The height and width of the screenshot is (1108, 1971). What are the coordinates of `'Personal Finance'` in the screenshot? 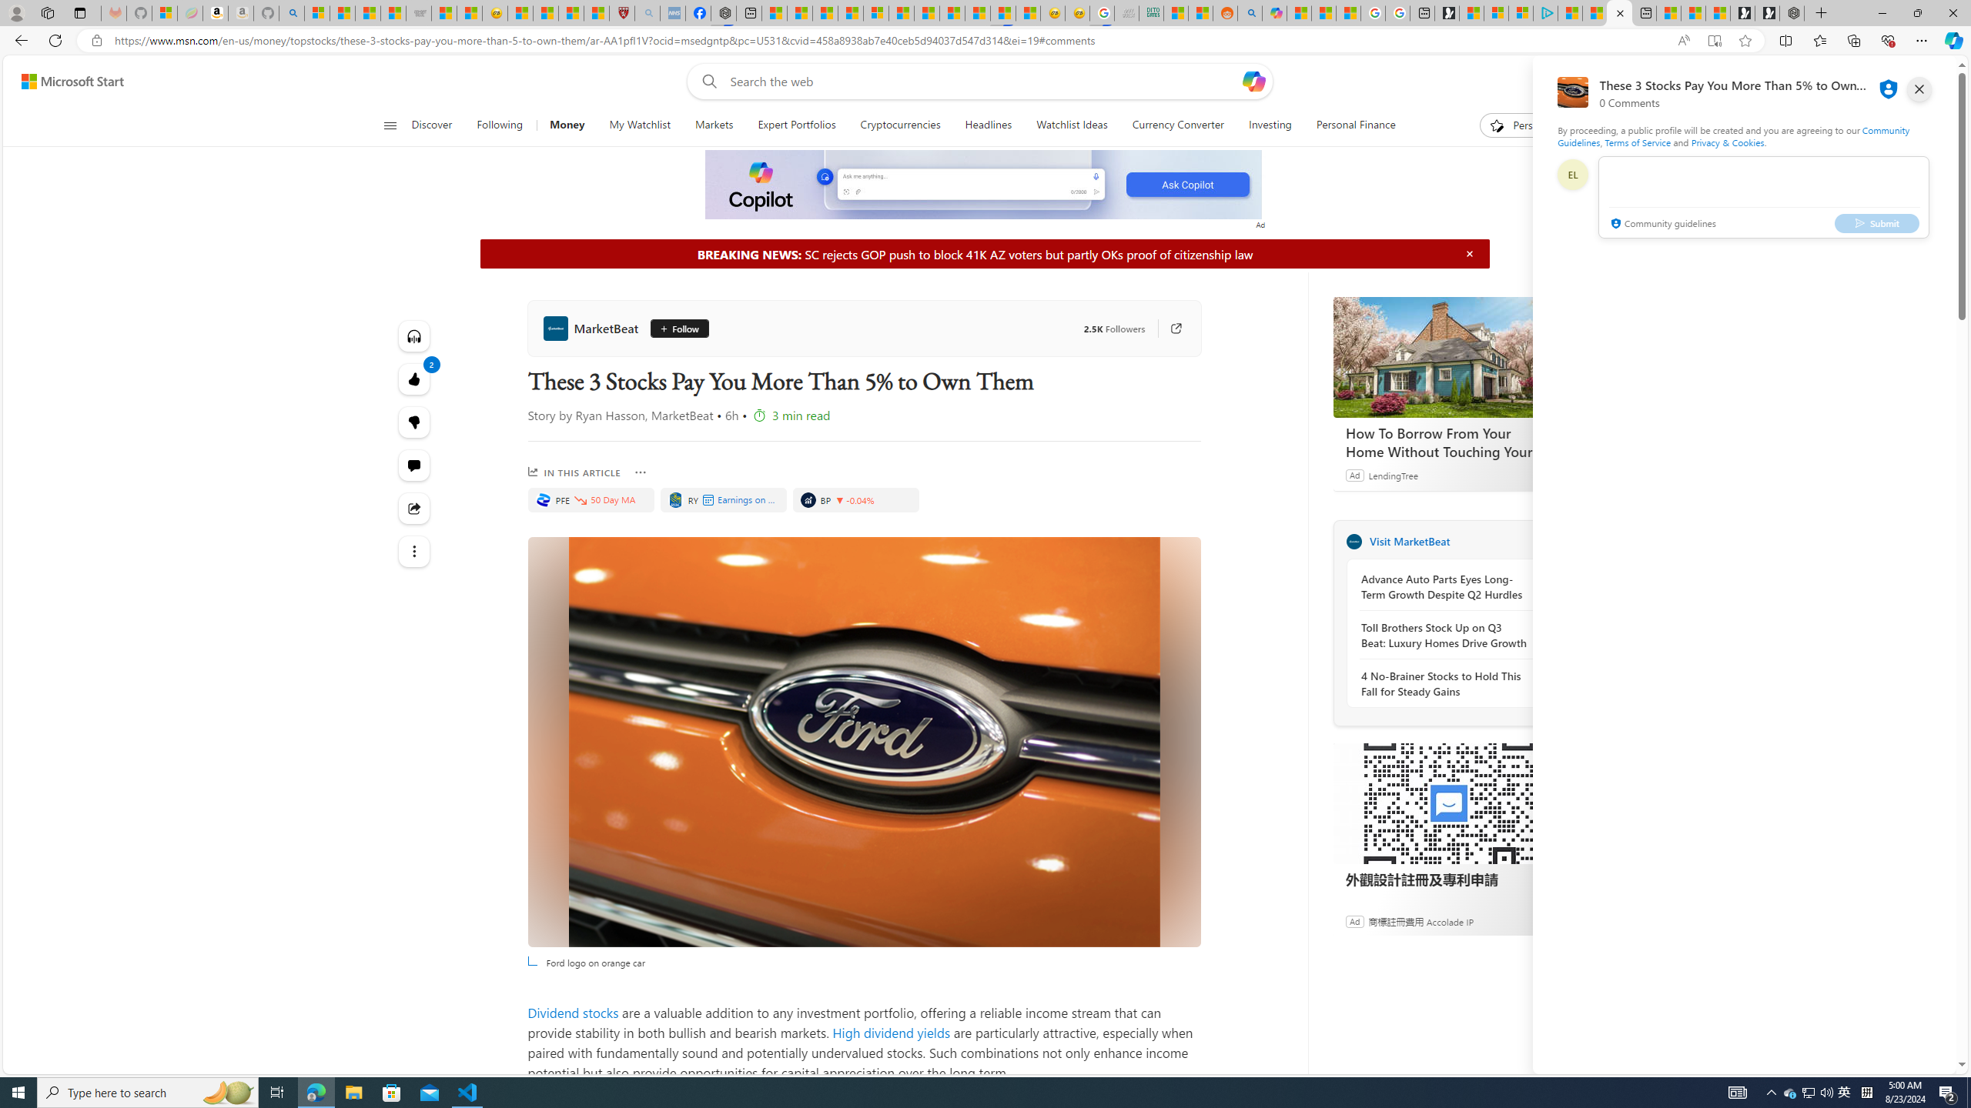 It's located at (1349, 125).